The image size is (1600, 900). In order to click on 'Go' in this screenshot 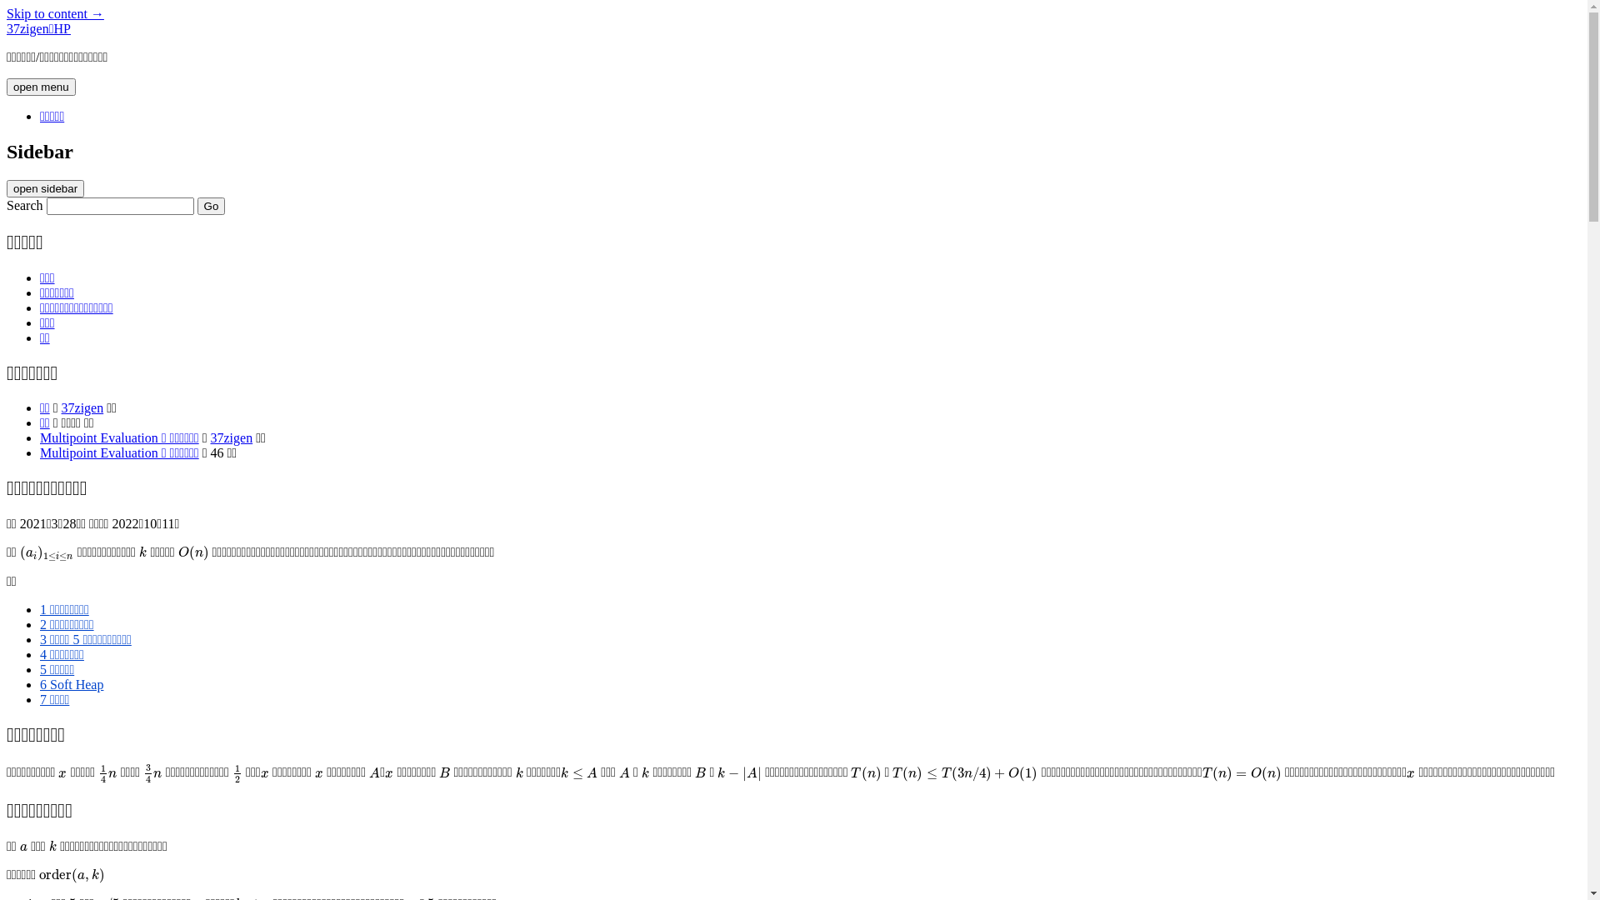, I will do `click(197, 205)`.